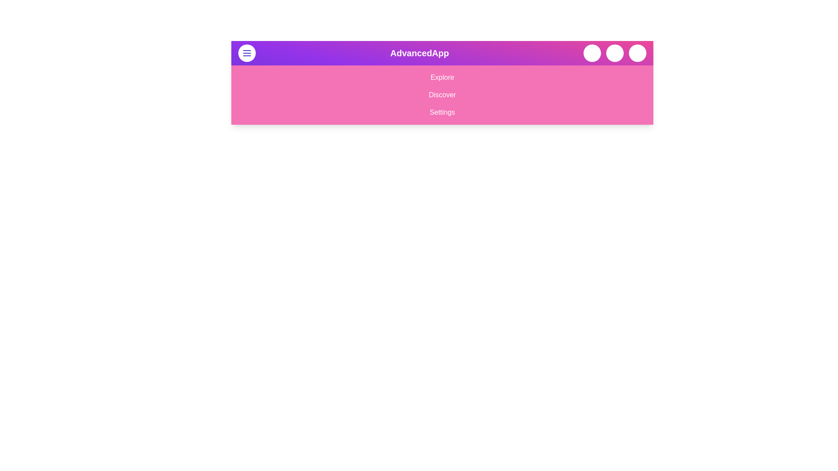  Describe the element at coordinates (442, 77) in the screenshot. I see `the menu option Explore` at that location.